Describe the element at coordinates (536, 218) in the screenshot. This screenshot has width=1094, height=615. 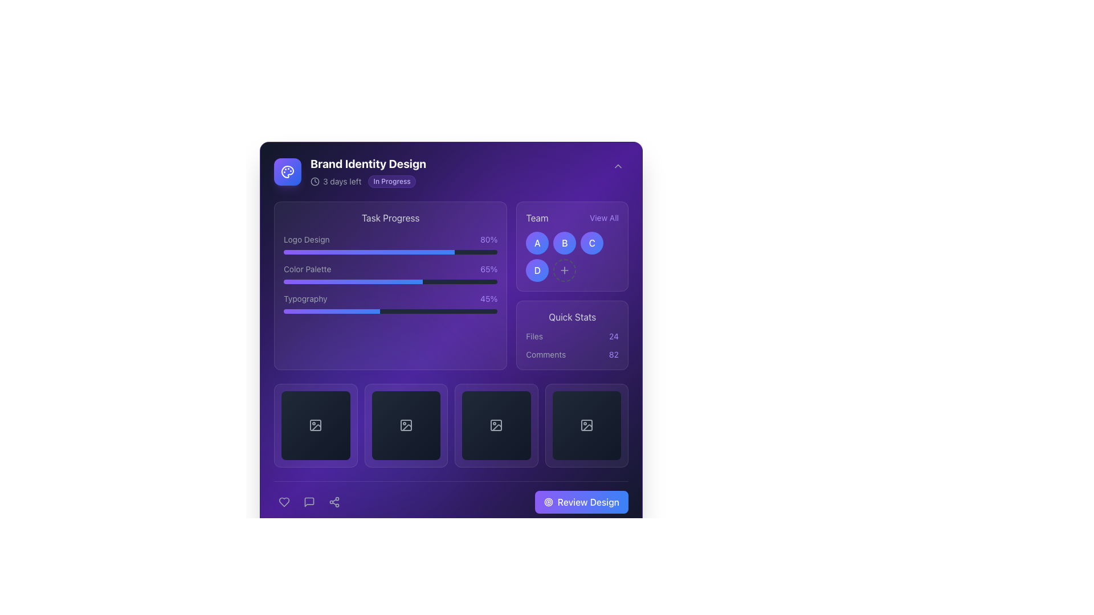
I see `the text label that serves as a title or heading for the team members section, located in the upper-right corner of the interface, to the left of the 'View All' interactive text` at that location.